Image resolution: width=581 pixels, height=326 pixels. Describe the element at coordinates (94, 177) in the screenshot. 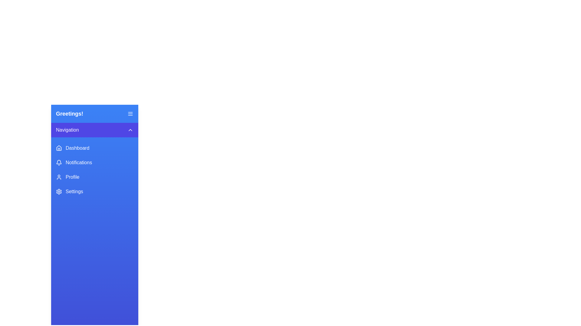

I see `the 'Profile' navigation button, which is the third item in the vertical menu, located between 'Notifications' and 'Settings'` at that location.